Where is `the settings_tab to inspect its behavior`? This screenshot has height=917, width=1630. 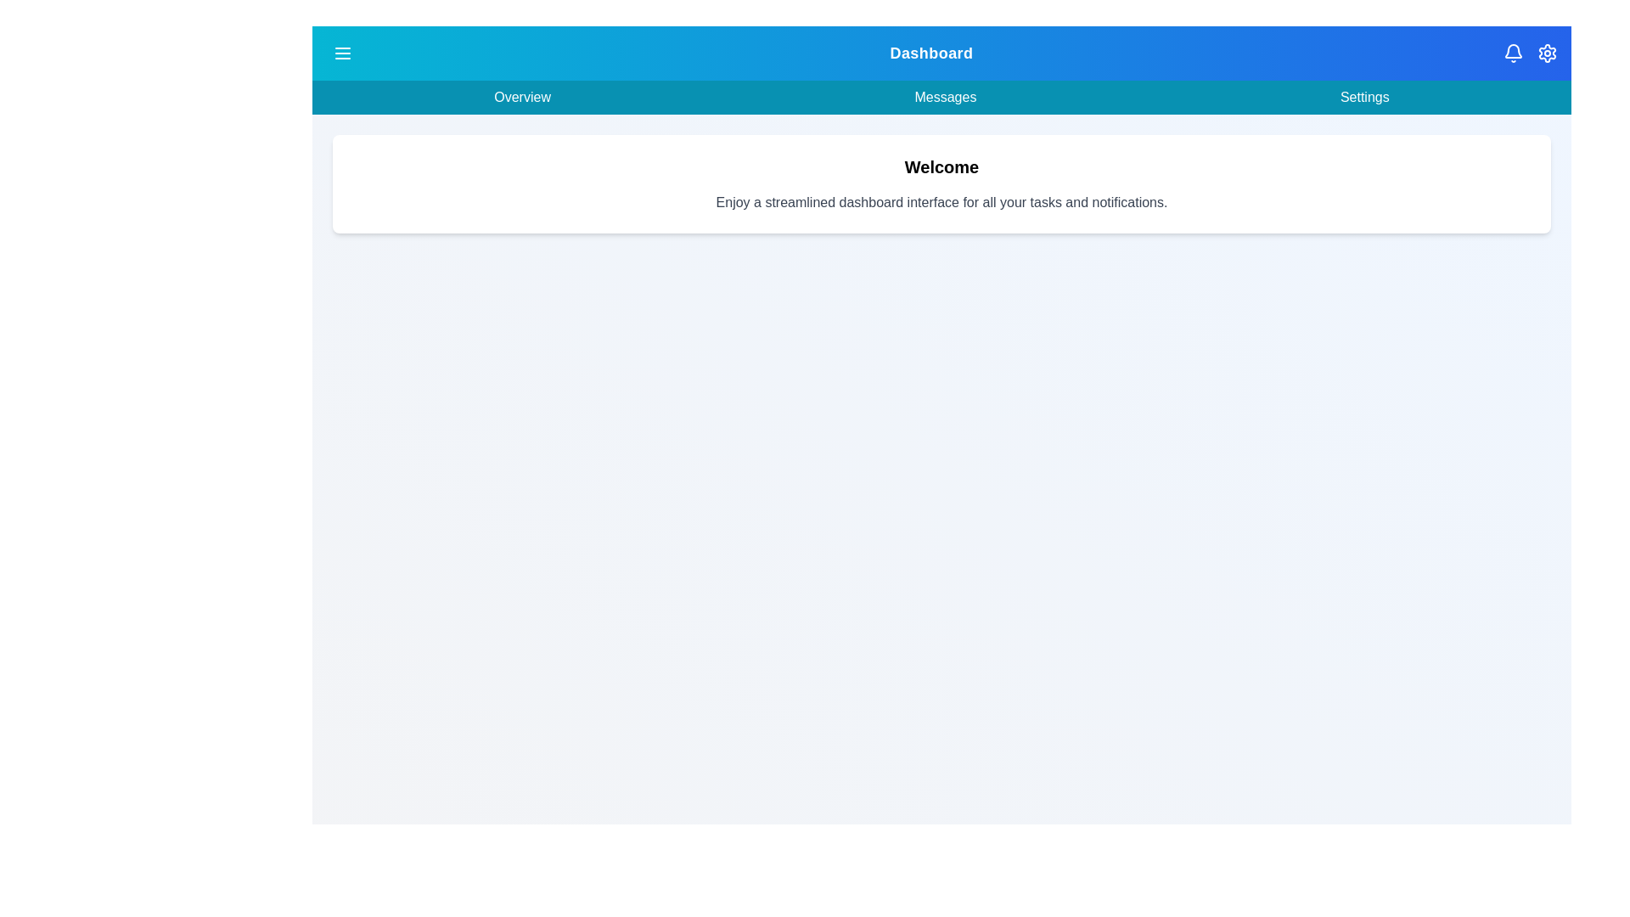
the settings_tab to inspect its behavior is located at coordinates (1365, 98).